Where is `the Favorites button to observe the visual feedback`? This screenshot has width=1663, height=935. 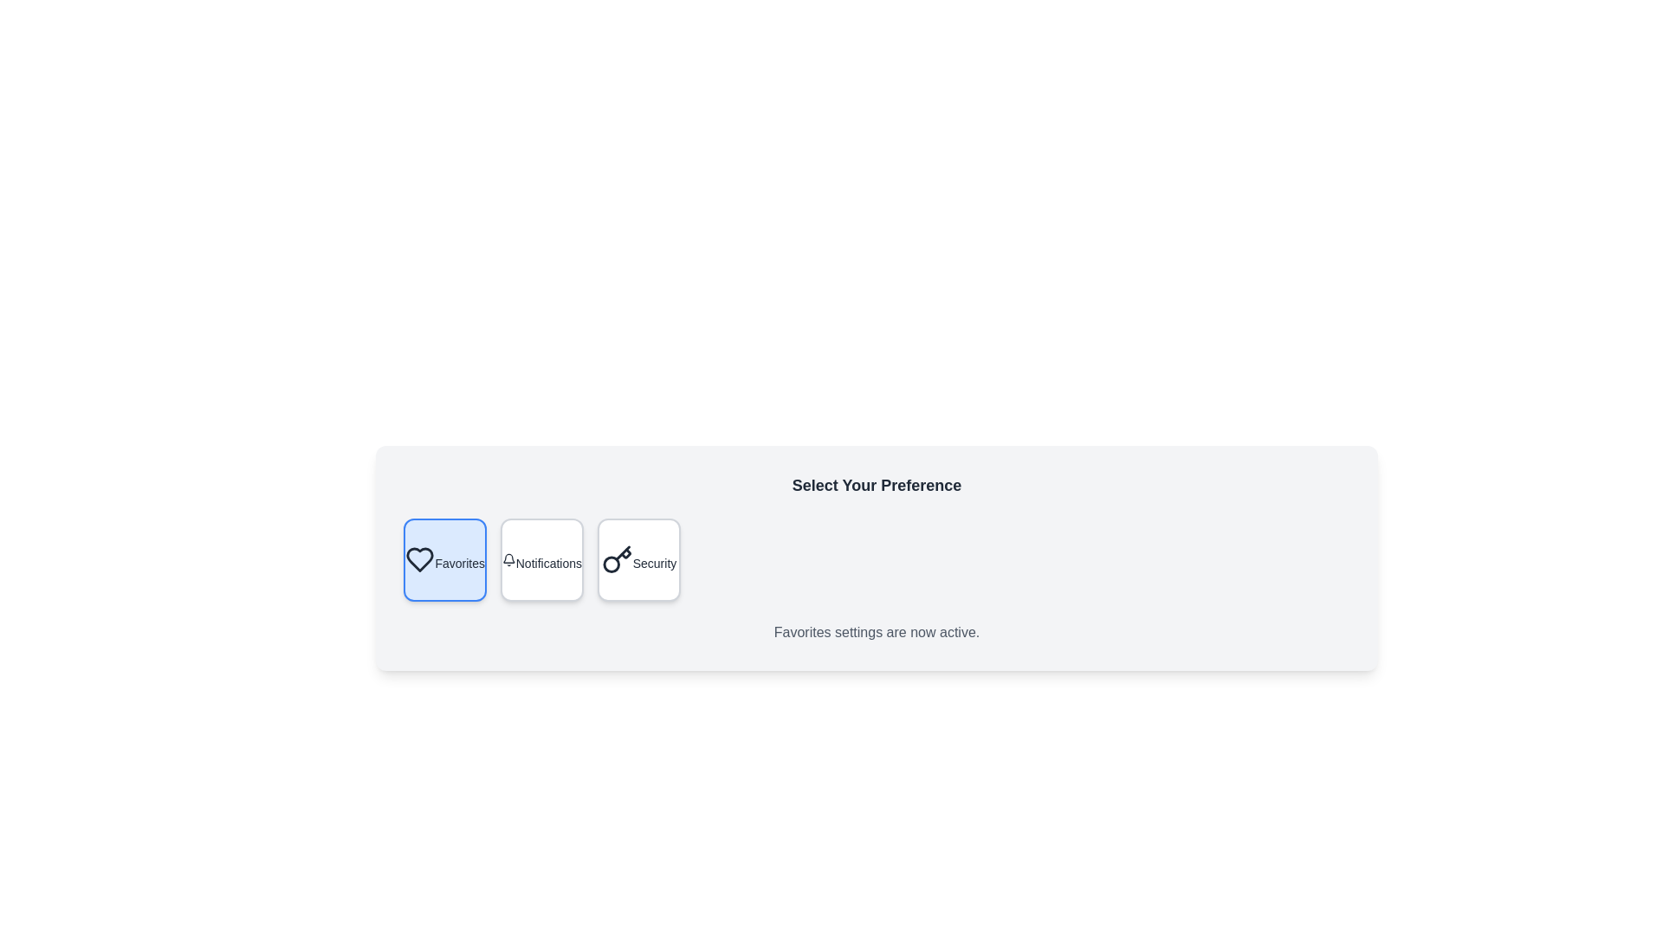 the Favorites button to observe the visual feedback is located at coordinates (444, 560).